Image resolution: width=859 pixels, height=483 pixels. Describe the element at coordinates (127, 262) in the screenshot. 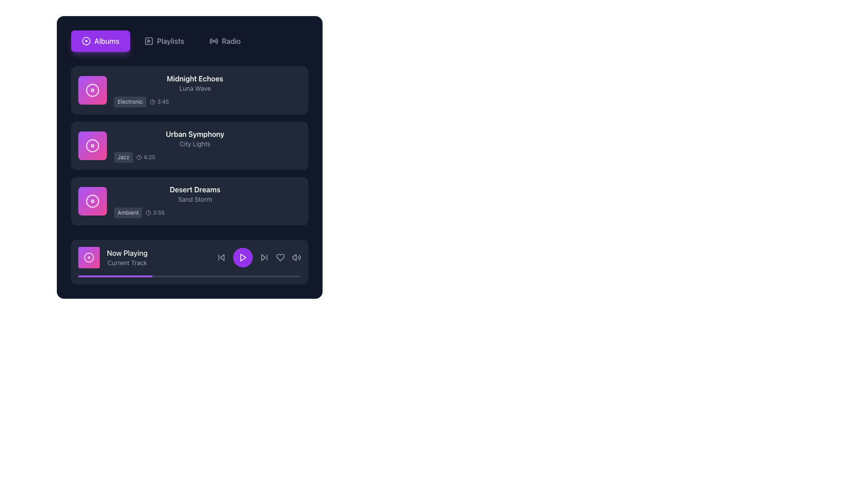

I see `the descriptive label indicating the current track being played, located directly beneath the 'Now Playing' text` at that location.